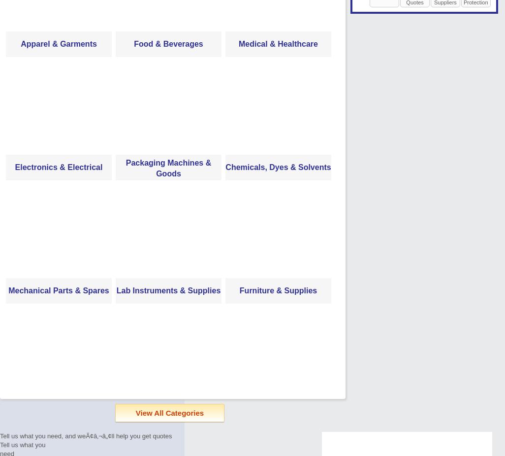 Image resolution: width=505 pixels, height=456 pixels. Describe the element at coordinates (22, 445) in the screenshot. I see `'Tell us what you'` at that location.